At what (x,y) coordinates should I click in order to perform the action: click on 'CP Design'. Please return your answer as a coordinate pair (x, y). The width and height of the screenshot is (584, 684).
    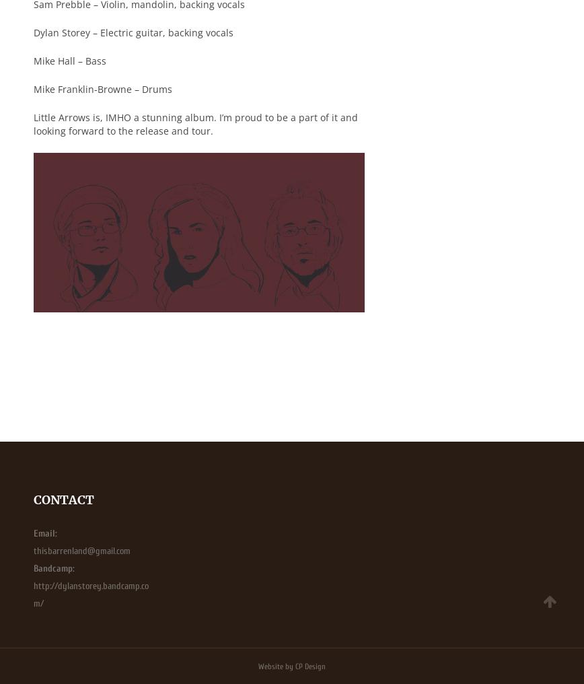
    Looking at the image, I should click on (295, 665).